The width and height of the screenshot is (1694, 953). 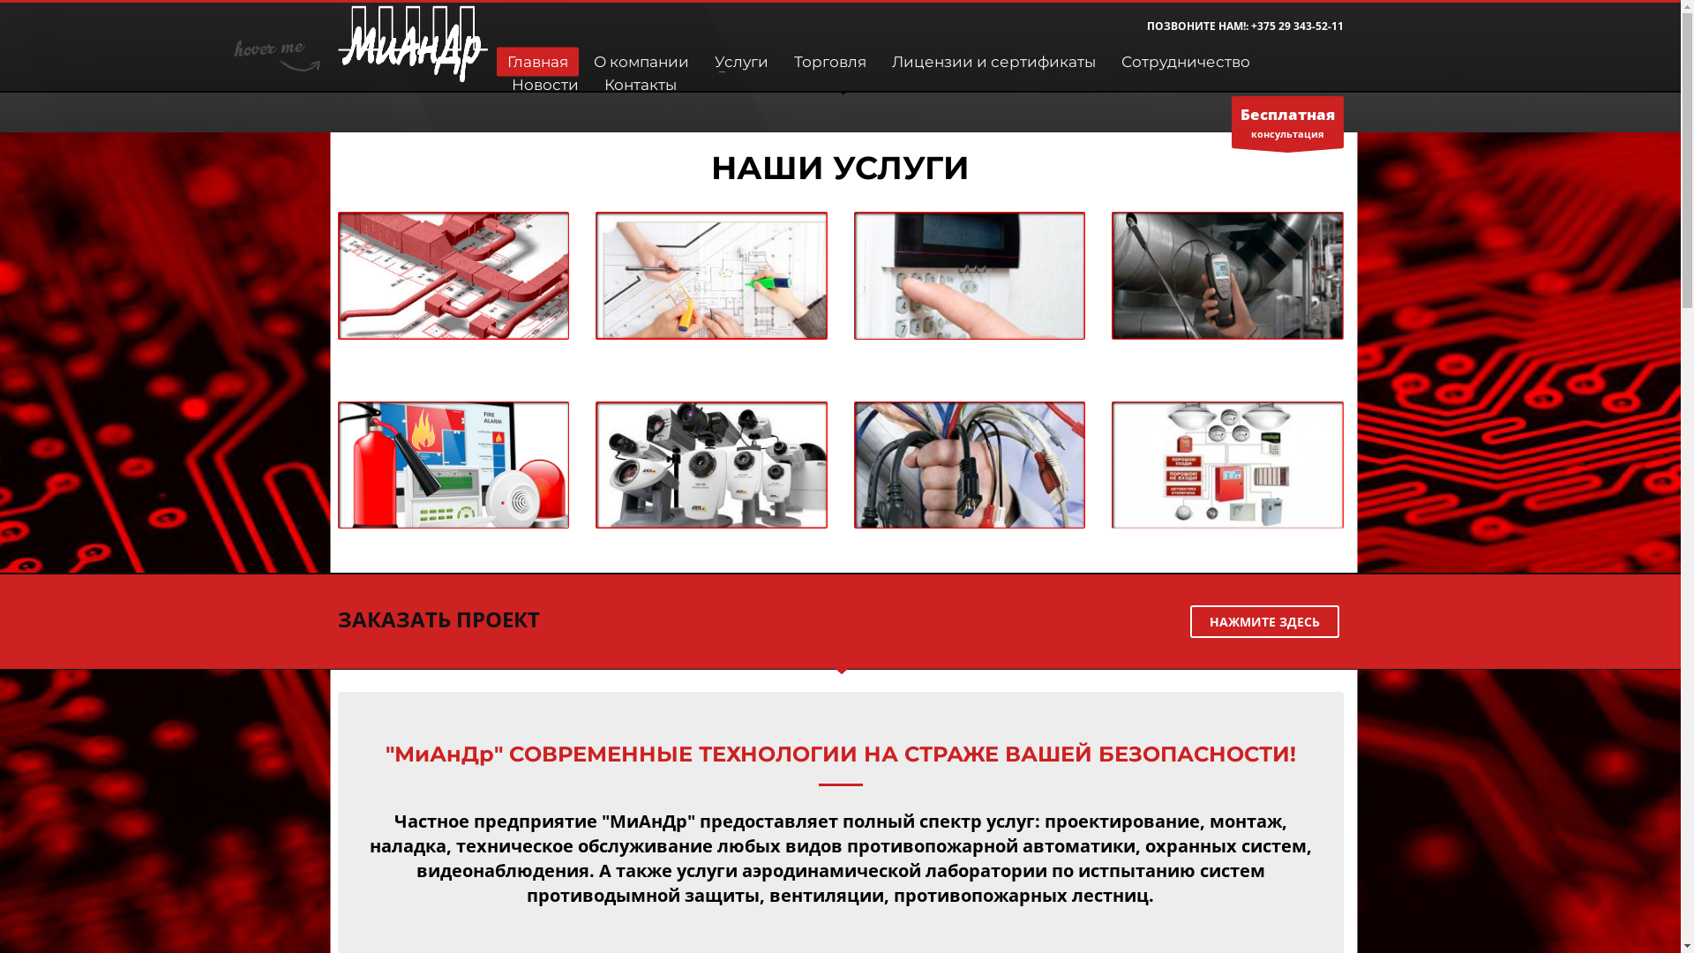 What do you see at coordinates (1297, 26) in the screenshot?
I see `'+375 29 343-52-11'` at bounding box center [1297, 26].